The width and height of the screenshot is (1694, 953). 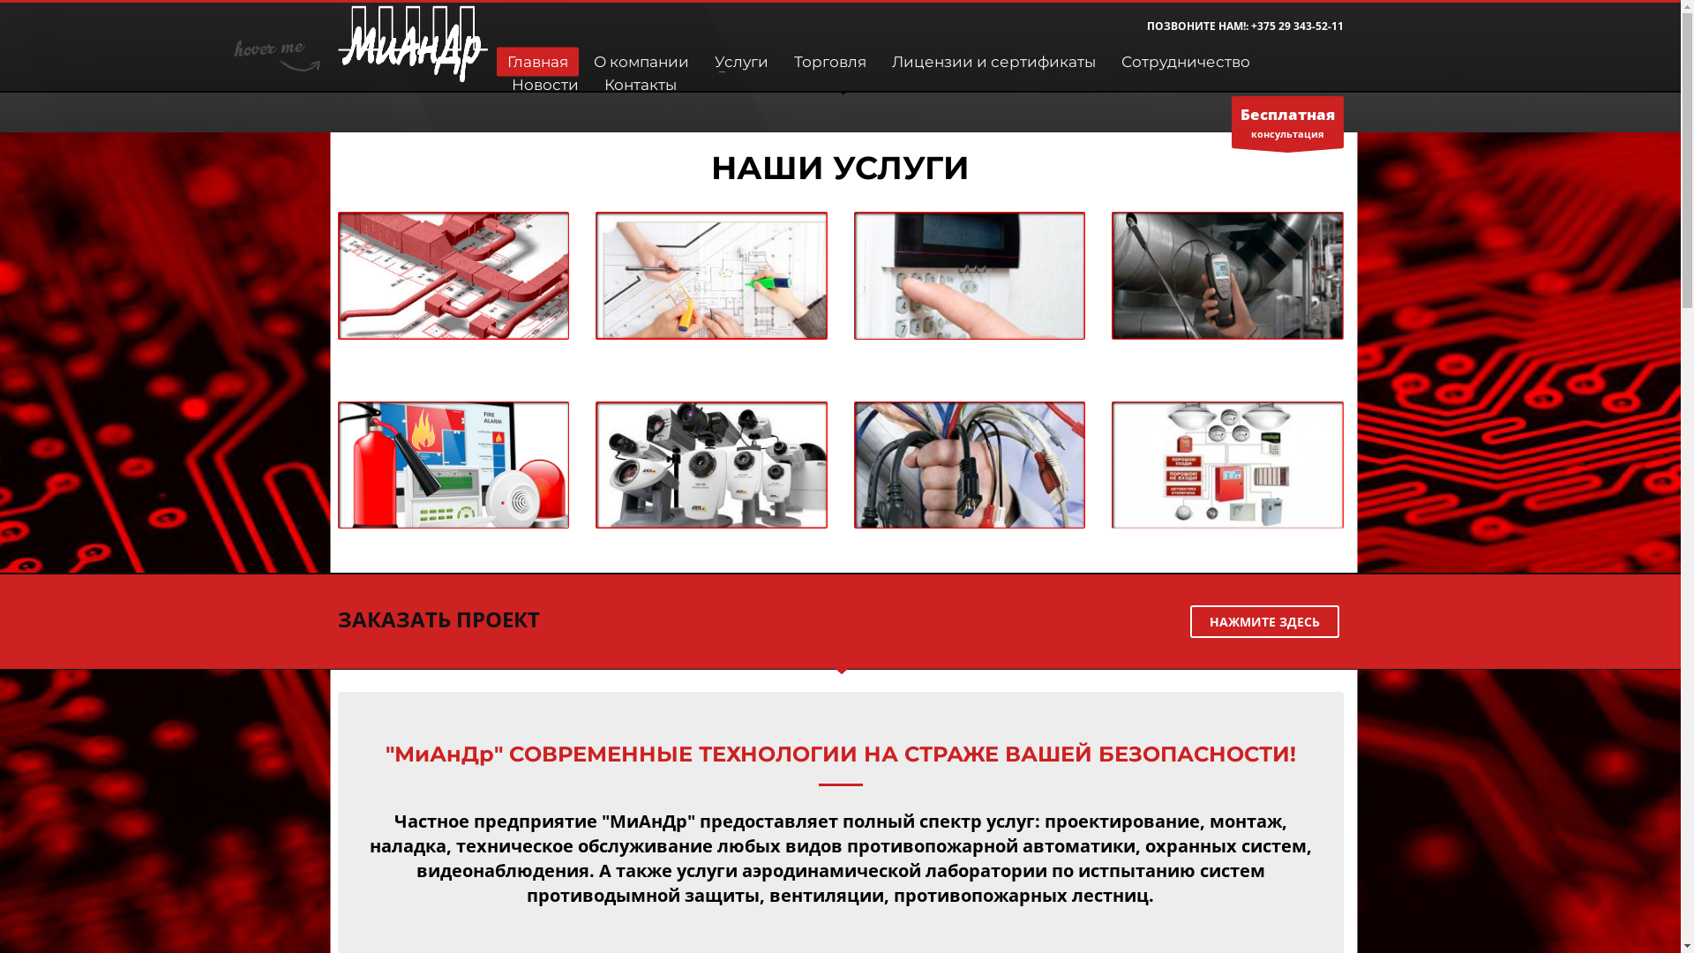 What do you see at coordinates (1297, 26) in the screenshot?
I see `'+375 29 343-52-11'` at bounding box center [1297, 26].